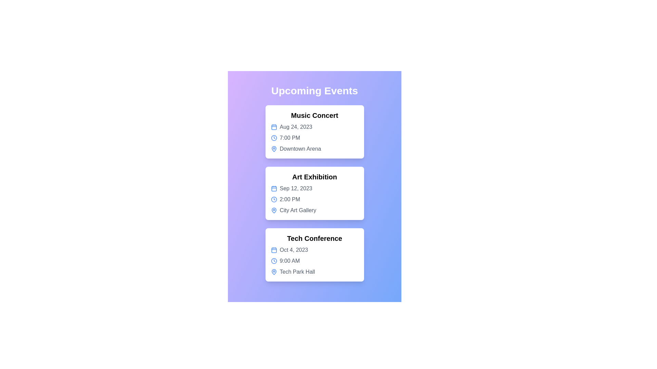  I want to click on the clock icon associated with the time indicator of the 'Art Exhibition' event, located below the 'Sep 12, 2023' text, so click(314, 199).